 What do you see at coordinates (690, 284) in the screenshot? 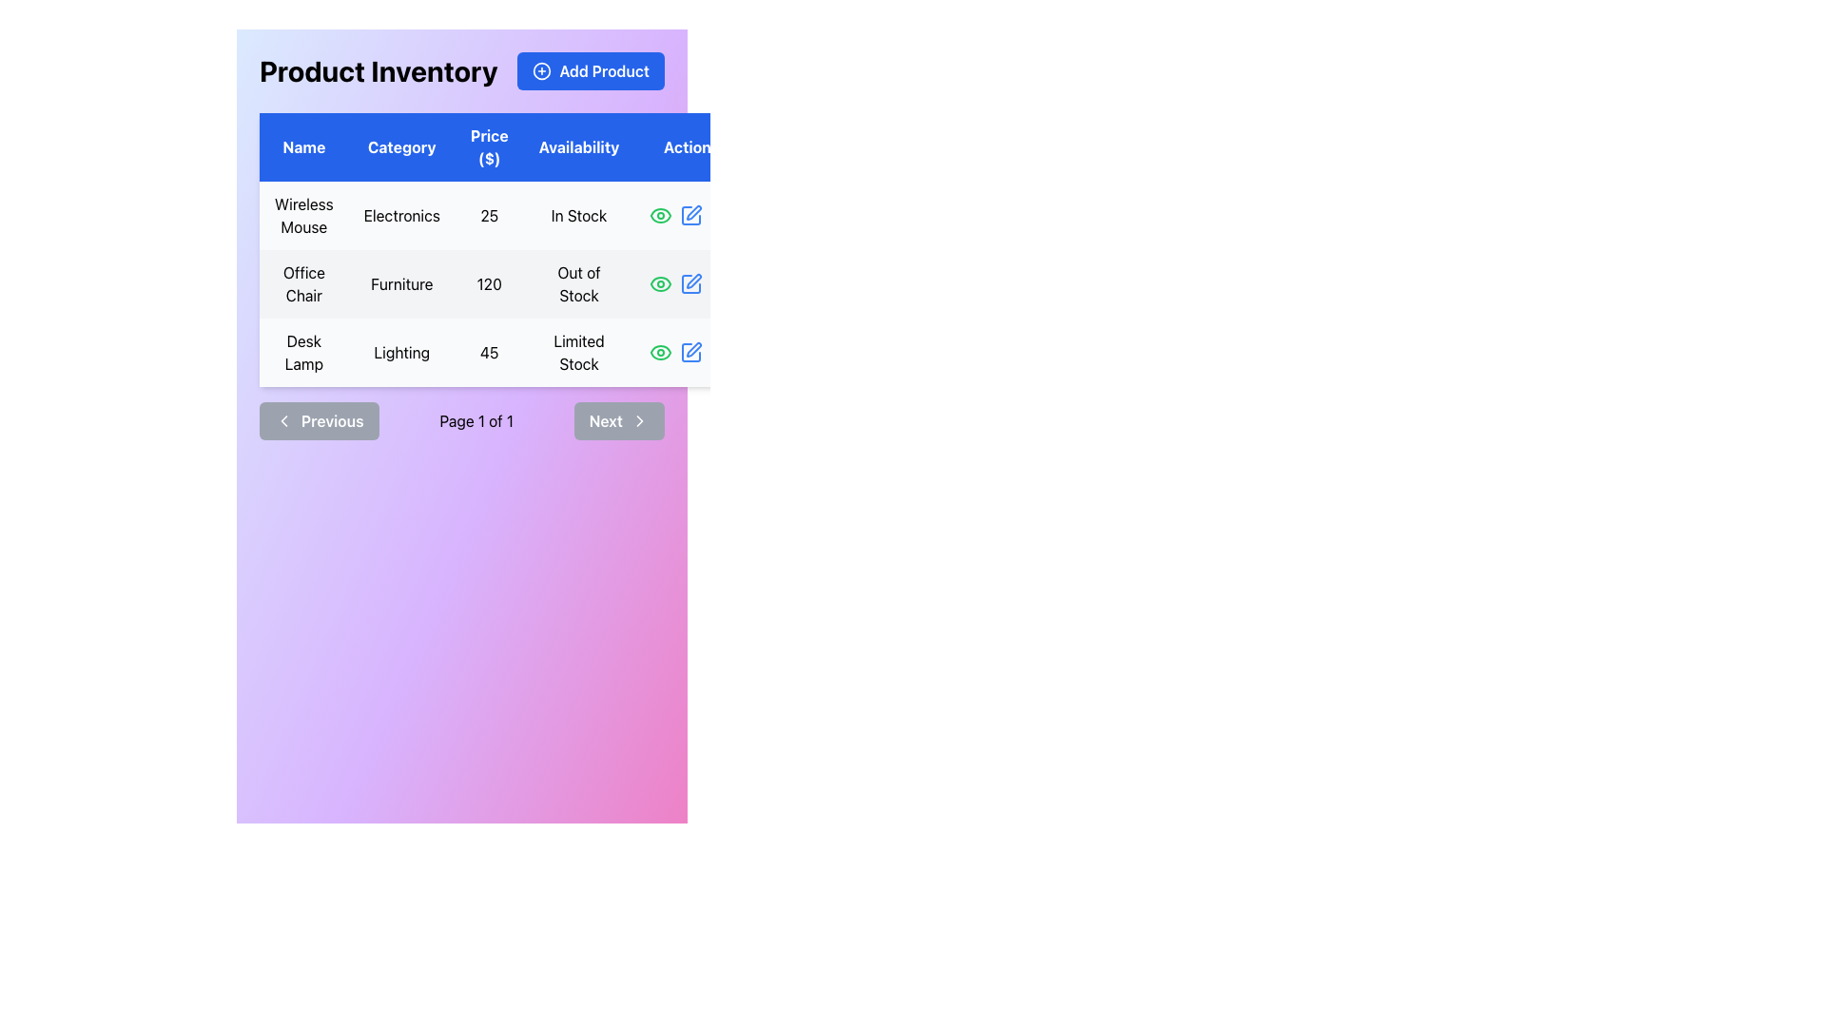
I see `the blue pencil icon in the third position of the last column in the 'Product Inventory' table` at bounding box center [690, 284].